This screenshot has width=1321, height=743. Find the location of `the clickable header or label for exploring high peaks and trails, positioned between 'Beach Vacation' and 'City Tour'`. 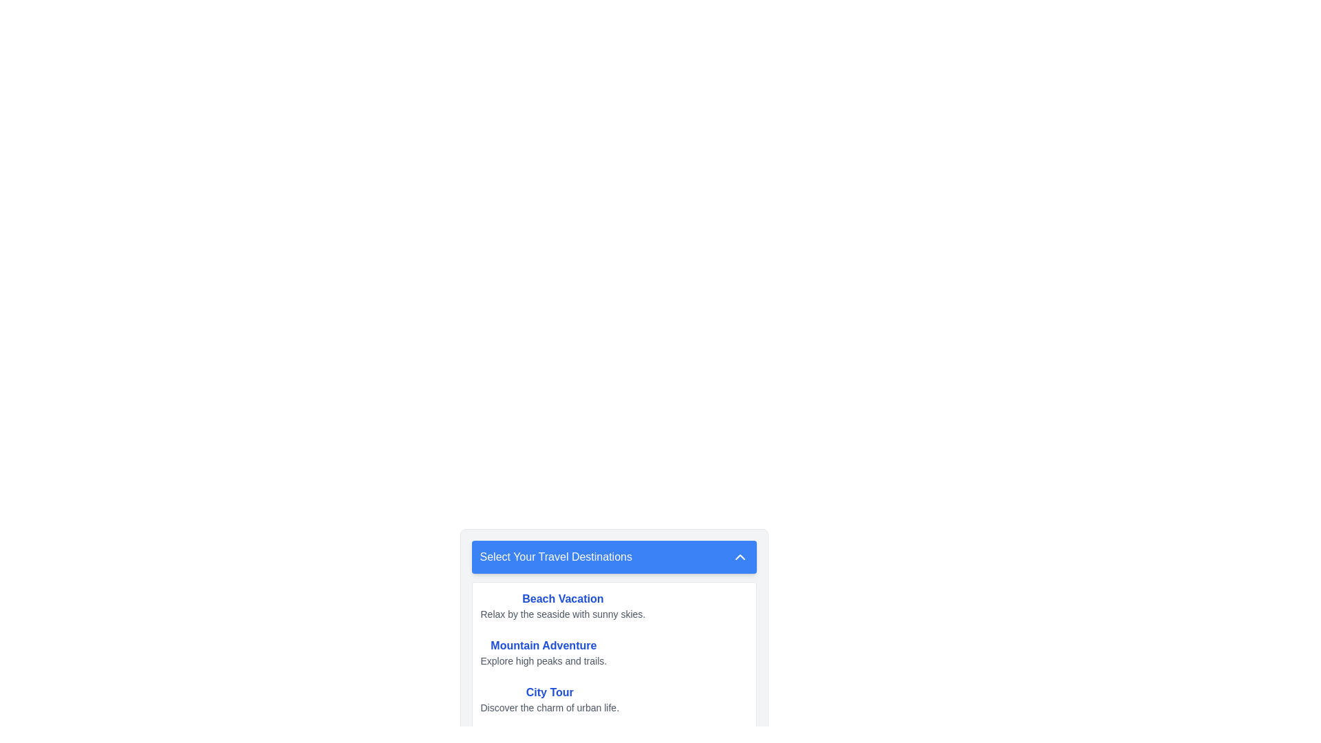

the clickable header or label for exploring high peaks and trails, positioned between 'Beach Vacation' and 'City Tour' is located at coordinates (543, 645).